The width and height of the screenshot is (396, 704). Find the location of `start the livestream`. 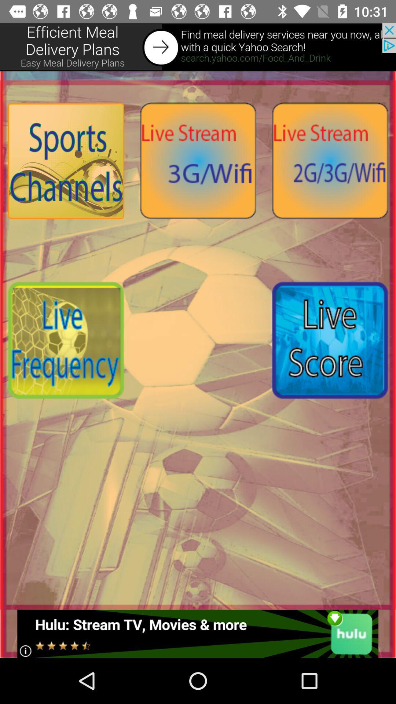

start the livestream is located at coordinates (329, 160).